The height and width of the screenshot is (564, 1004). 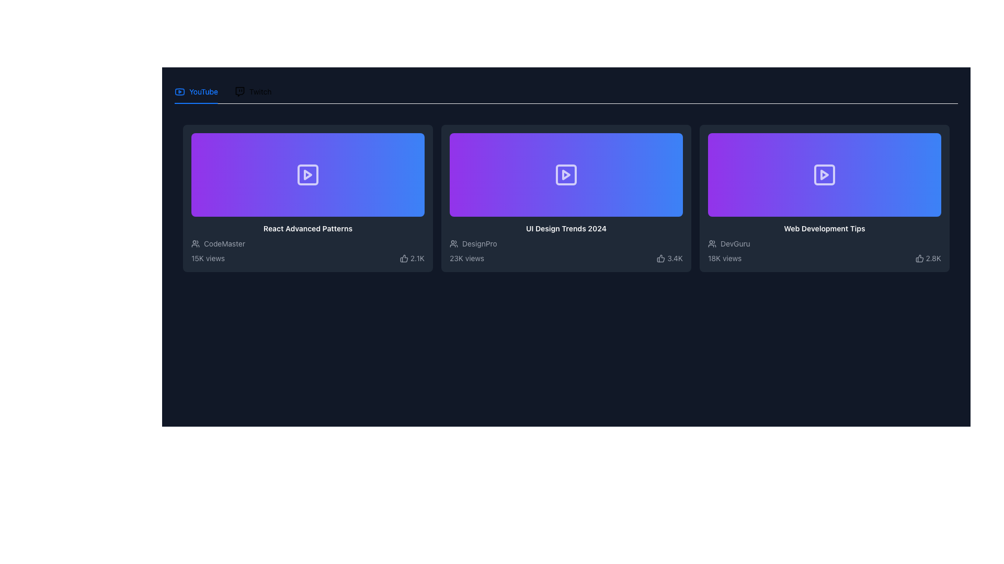 I want to click on the play icon located in the center of the second video thumbnail from the left to initiate video playback, so click(x=566, y=174).